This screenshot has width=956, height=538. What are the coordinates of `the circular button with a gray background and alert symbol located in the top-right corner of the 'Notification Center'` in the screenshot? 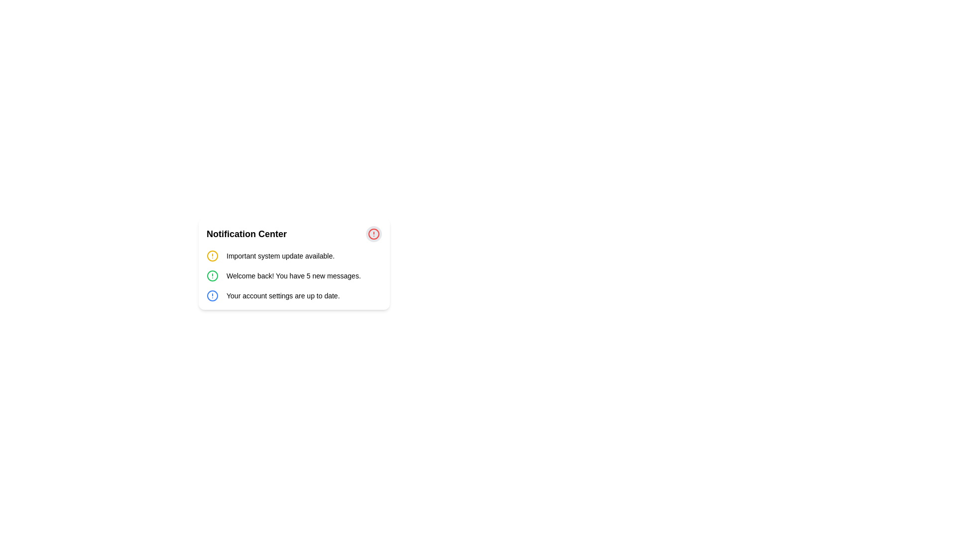 It's located at (373, 234).